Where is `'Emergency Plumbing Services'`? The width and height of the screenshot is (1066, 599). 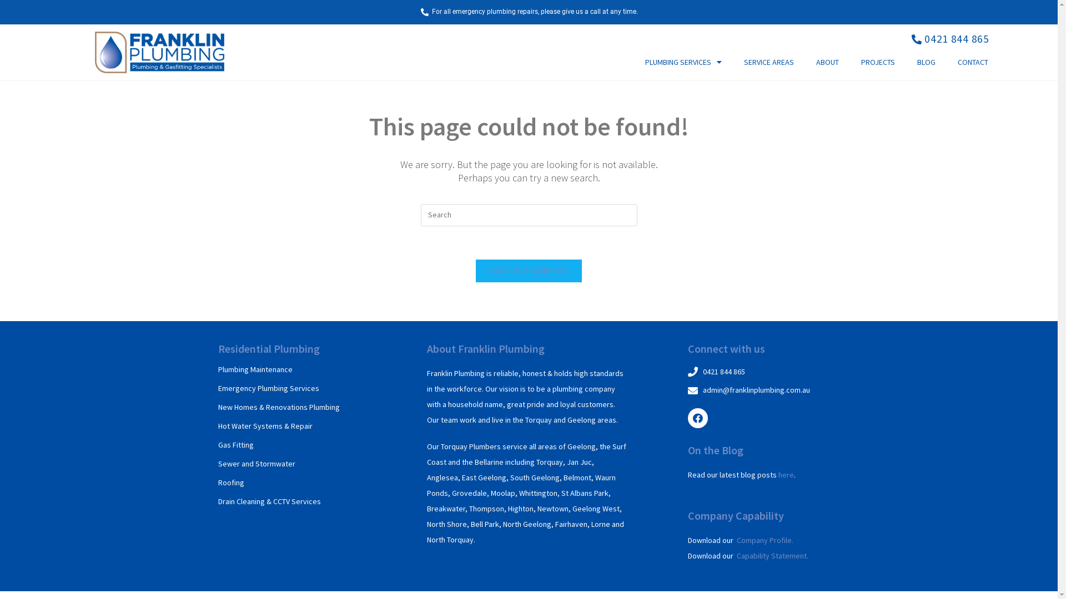 'Emergency Plumbing Services' is located at coordinates (268, 387).